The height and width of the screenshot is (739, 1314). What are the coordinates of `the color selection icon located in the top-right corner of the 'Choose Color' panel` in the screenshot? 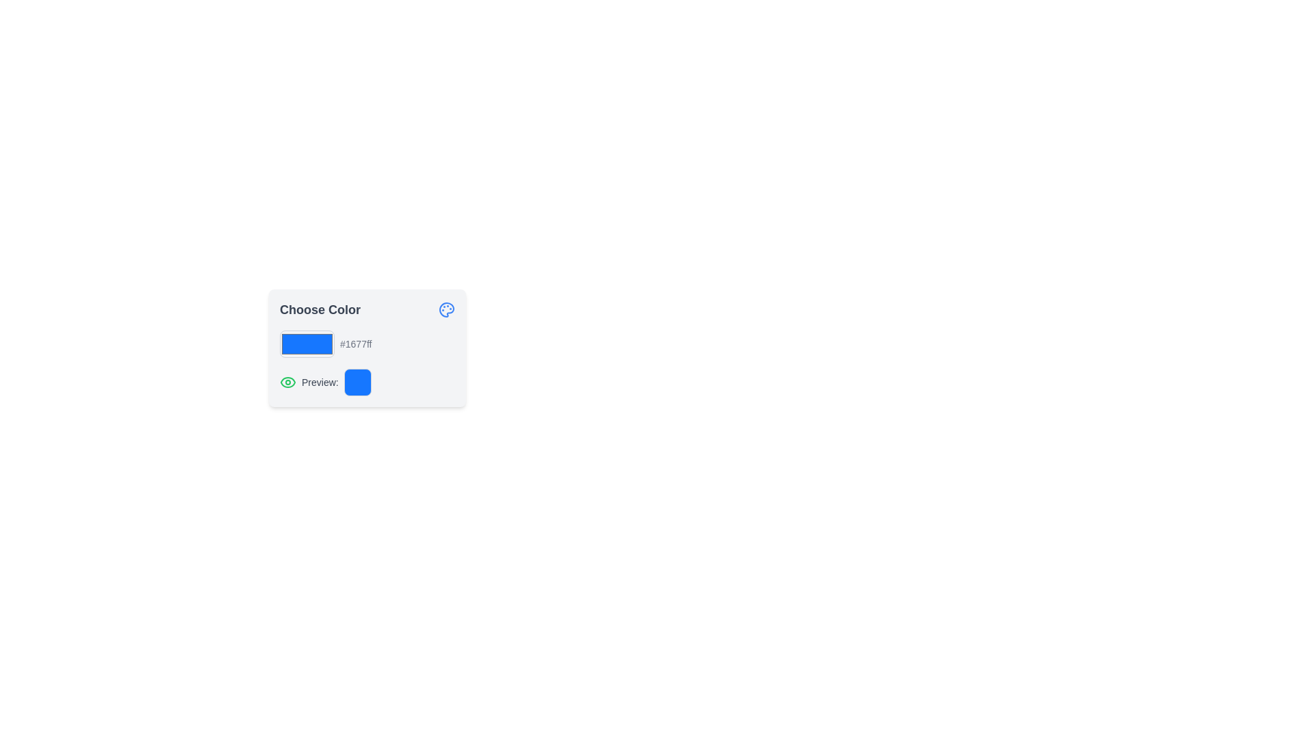 It's located at (446, 309).